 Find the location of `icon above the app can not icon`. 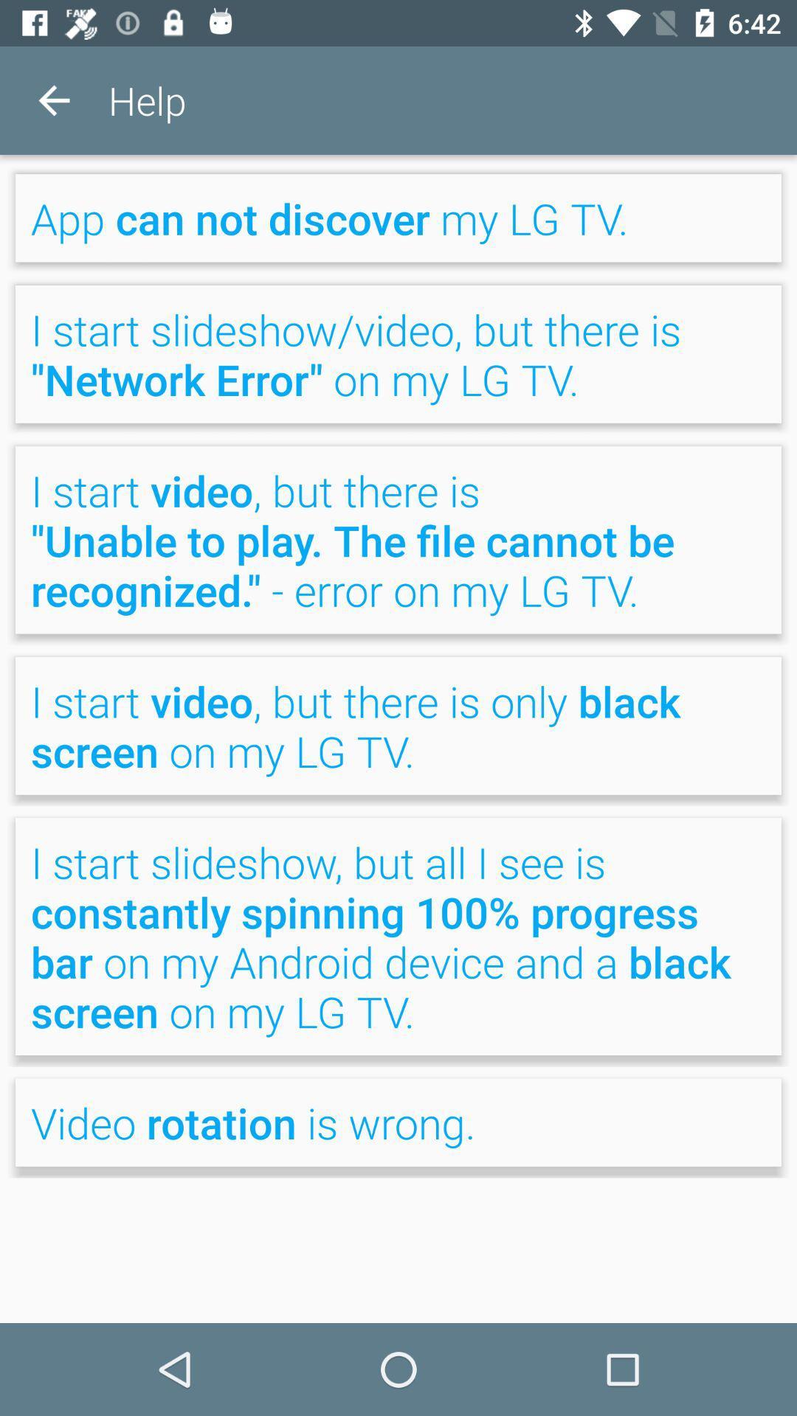

icon above the app can not icon is located at coordinates (53, 100).